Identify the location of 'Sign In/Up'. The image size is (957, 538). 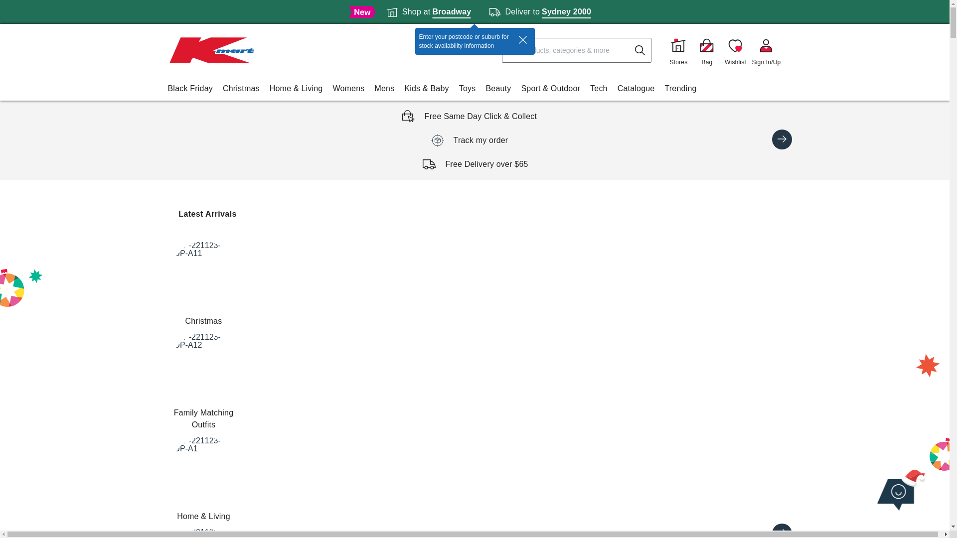
(765, 50).